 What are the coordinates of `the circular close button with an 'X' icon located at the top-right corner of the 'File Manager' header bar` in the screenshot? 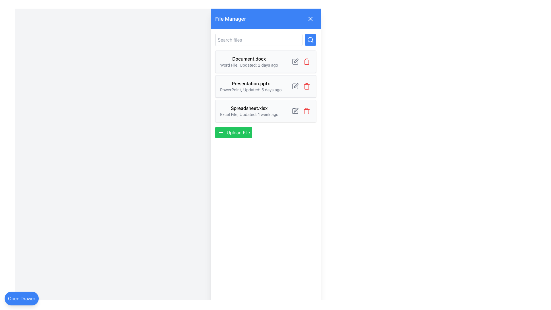 It's located at (310, 18).